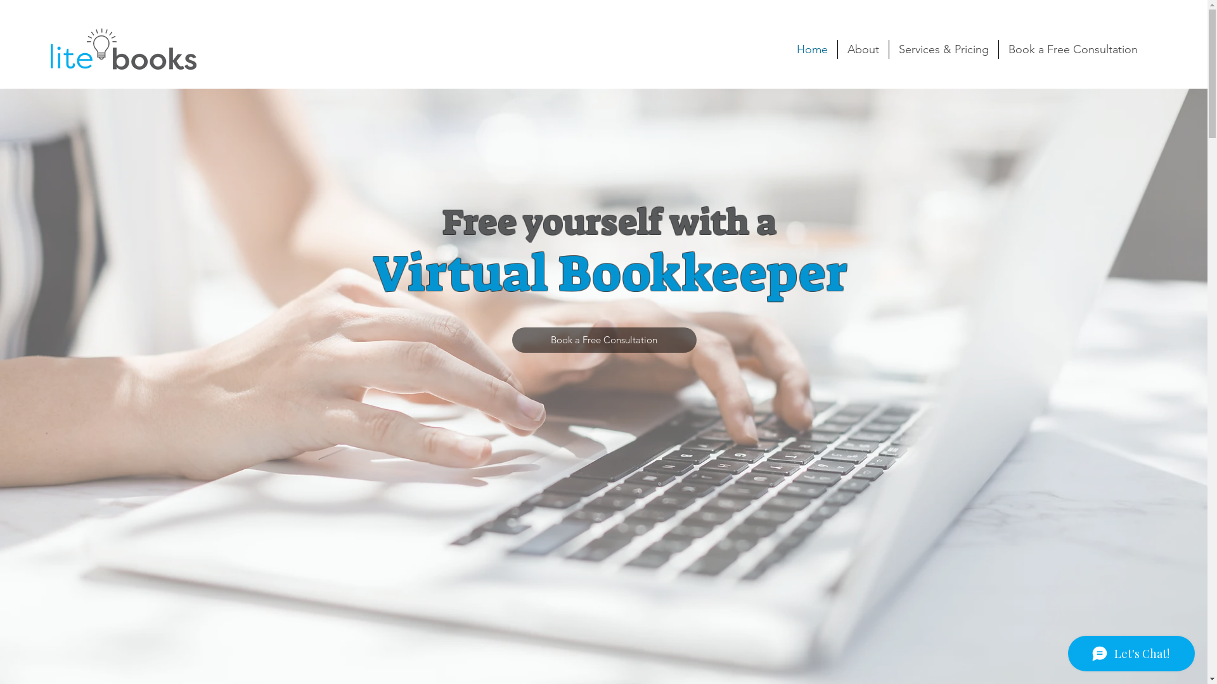  Describe the element at coordinates (888, 48) in the screenshot. I see `'Services & Pricing'` at that location.